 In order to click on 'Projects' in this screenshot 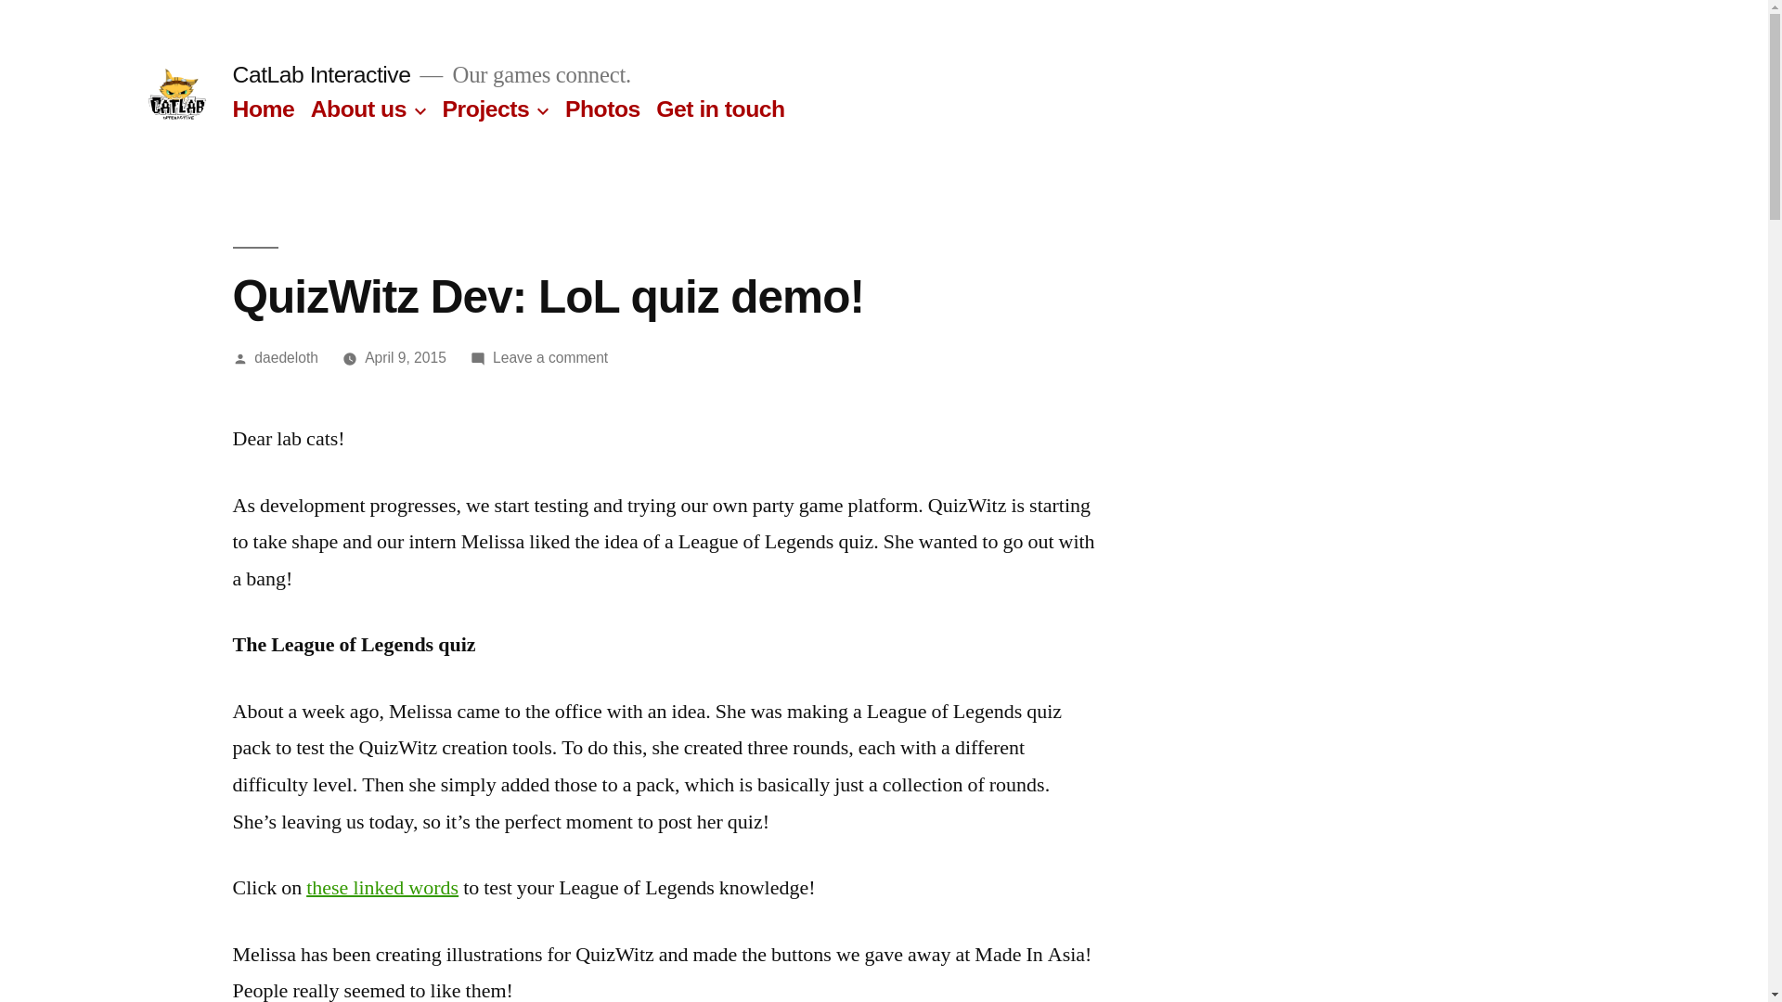, I will do `click(485, 109)`.